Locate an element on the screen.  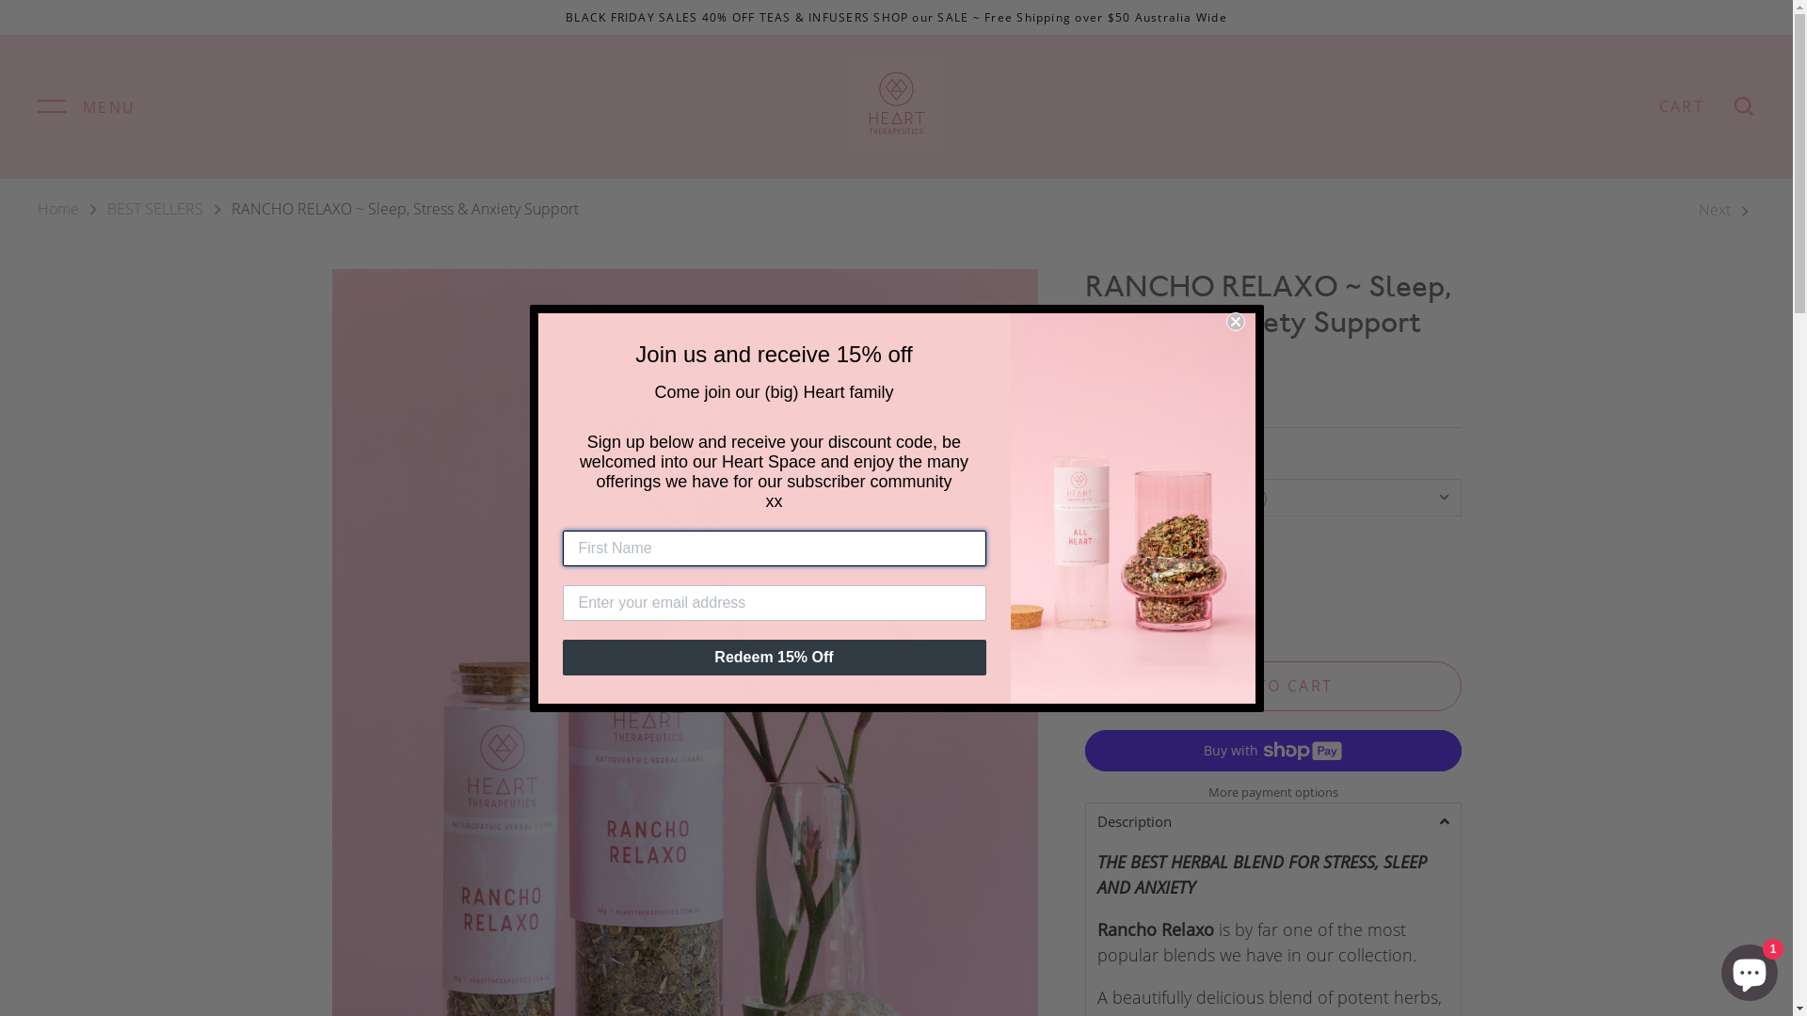
'MENU' is located at coordinates (85, 107).